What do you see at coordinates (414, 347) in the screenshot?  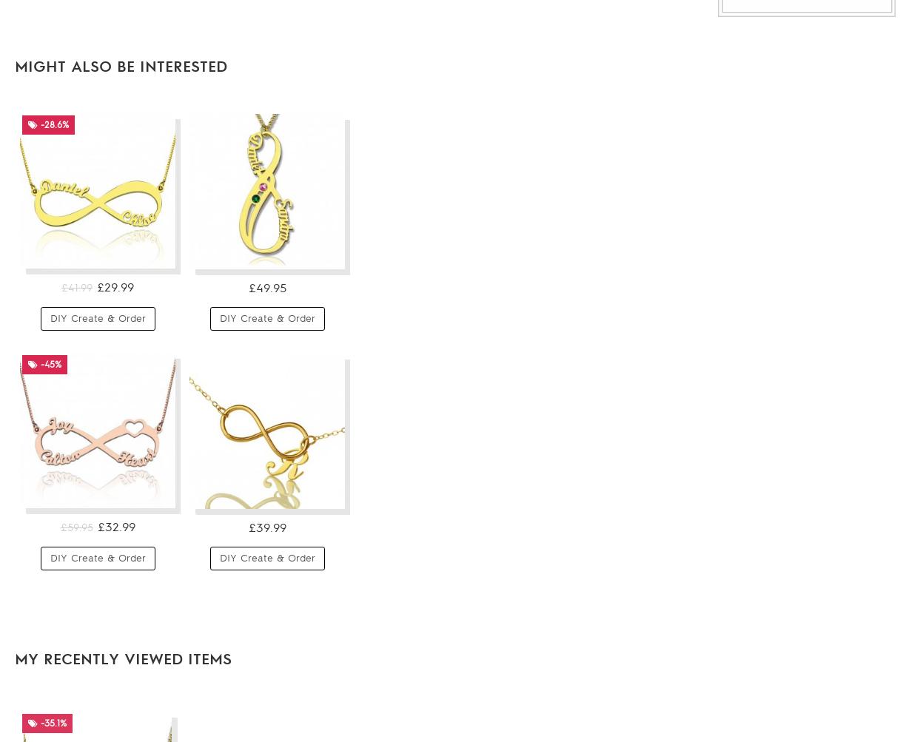 I see `'£59.00'` at bounding box center [414, 347].